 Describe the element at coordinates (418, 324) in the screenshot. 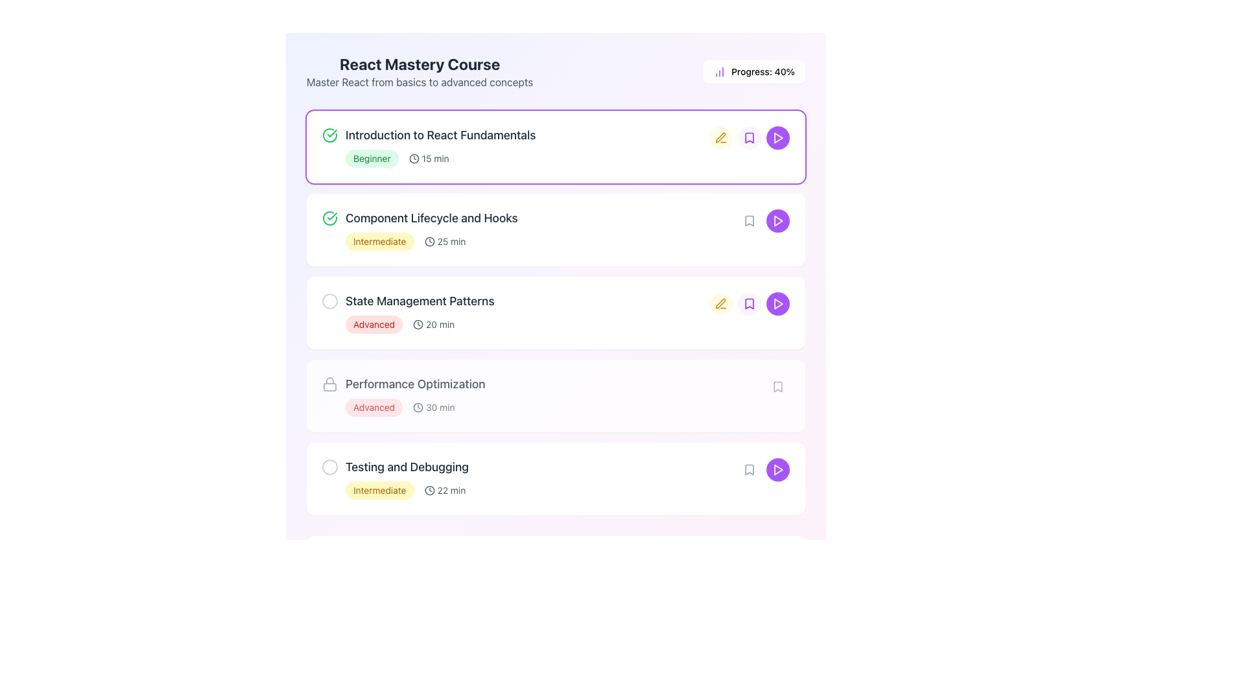

I see `the clock icon located to the left of the '20 min' text in the third row of the course list titled 'State Management Patterns'` at that location.